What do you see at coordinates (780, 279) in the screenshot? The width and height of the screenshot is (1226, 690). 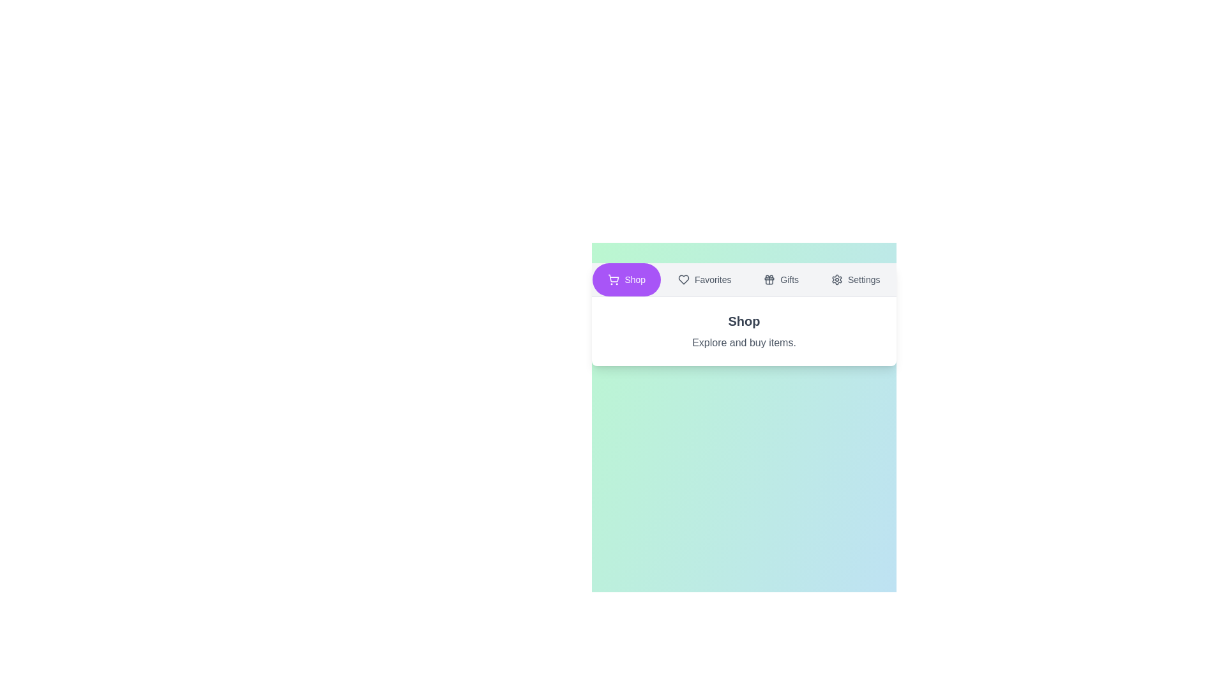 I see `the Gifts tab by clicking its button` at bounding box center [780, 279].